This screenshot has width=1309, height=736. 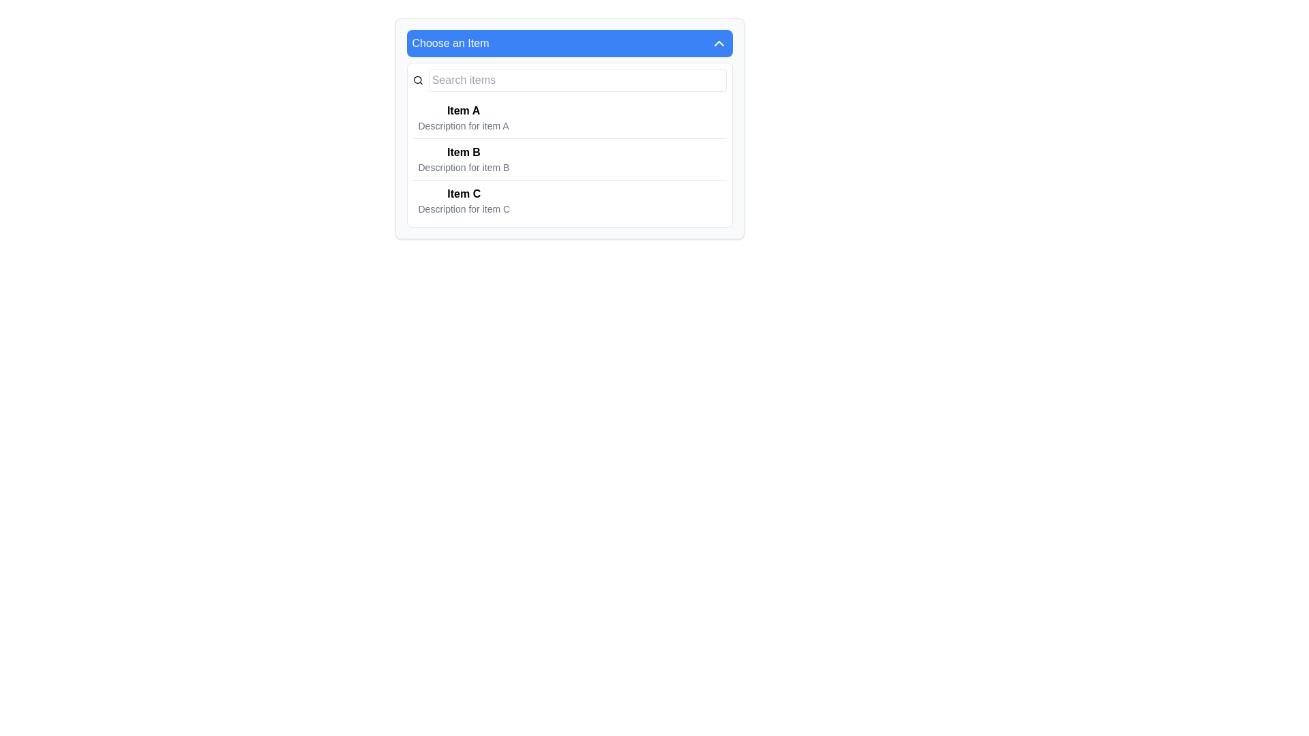 What do you see at coordinates (569, 117) in the screenshot?
I see `the selectable list item 'Item A' in the dropdown` at bounding box center [569, 117].